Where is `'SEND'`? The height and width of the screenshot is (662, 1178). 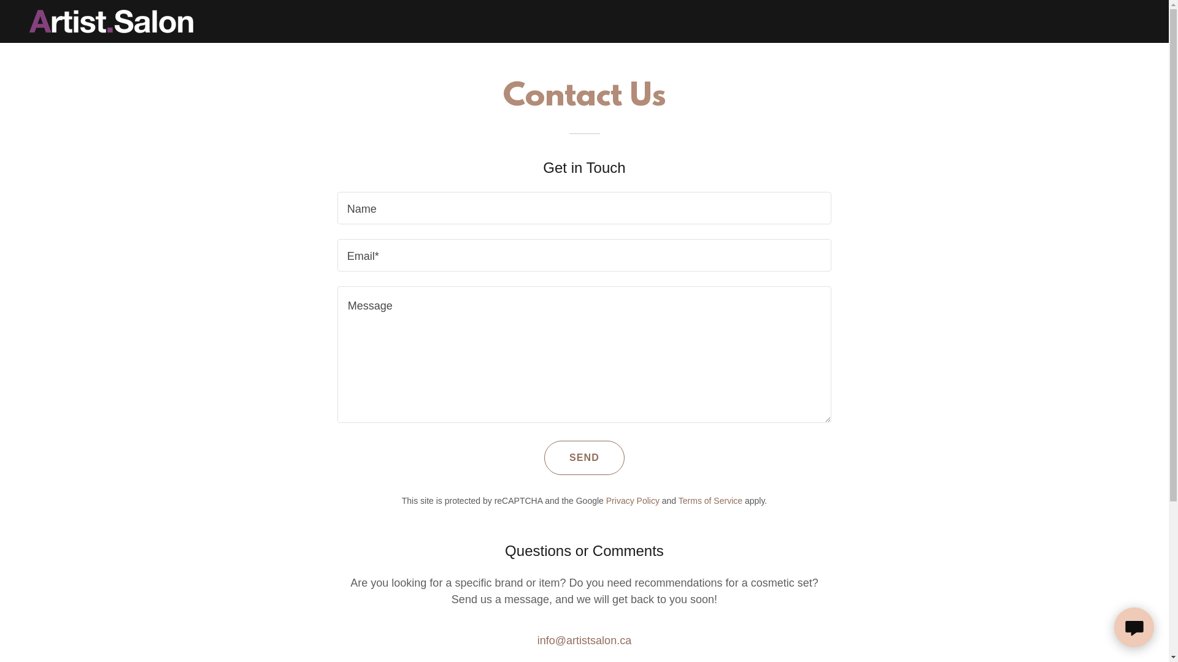
'SEND' is located at coordinates (583, 458).